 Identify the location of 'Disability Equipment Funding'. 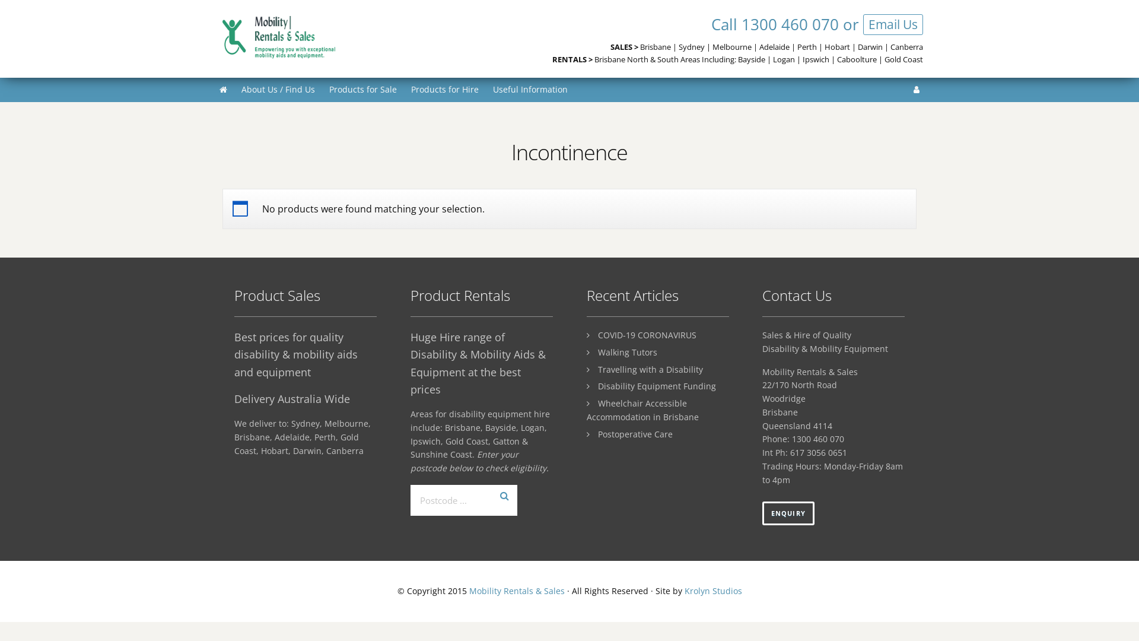
(598, 386).